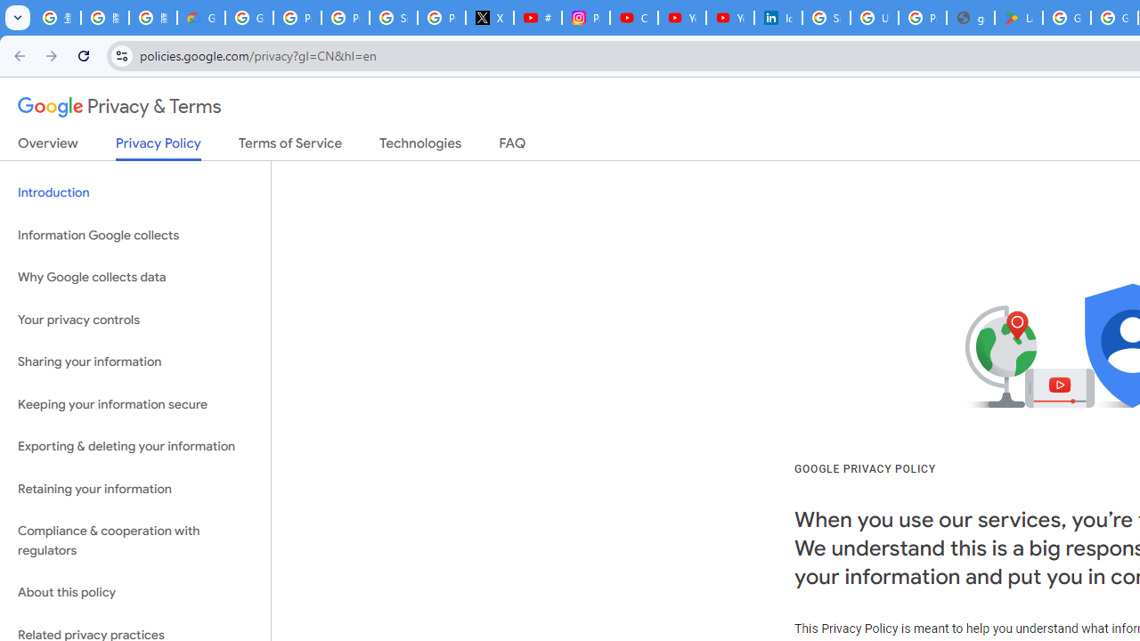  I want to click on 'google_privacy_policy_en.pdf', so click(969, 18).